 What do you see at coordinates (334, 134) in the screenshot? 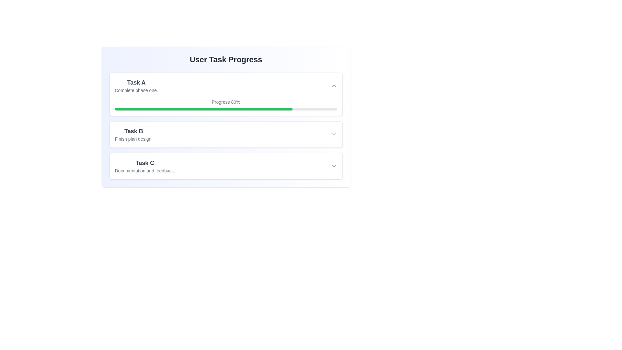
I see `the downward-pointing chevron icon button located at the far-right side of the 'Task B' card` at bounding box center [334, 134].